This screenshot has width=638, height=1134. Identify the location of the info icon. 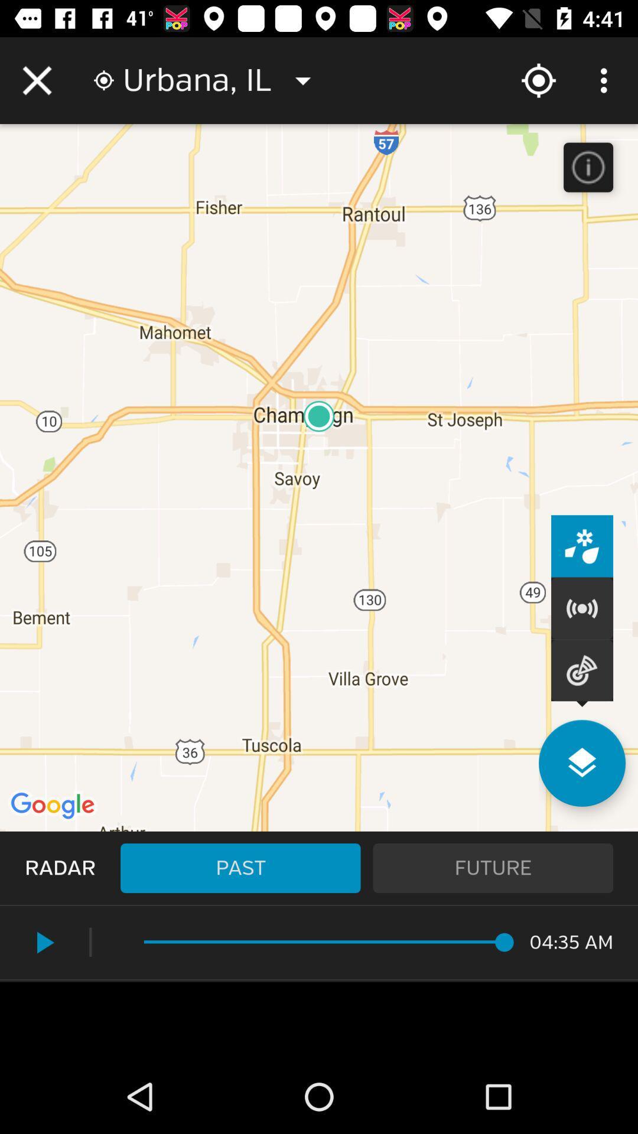
(588, 167).